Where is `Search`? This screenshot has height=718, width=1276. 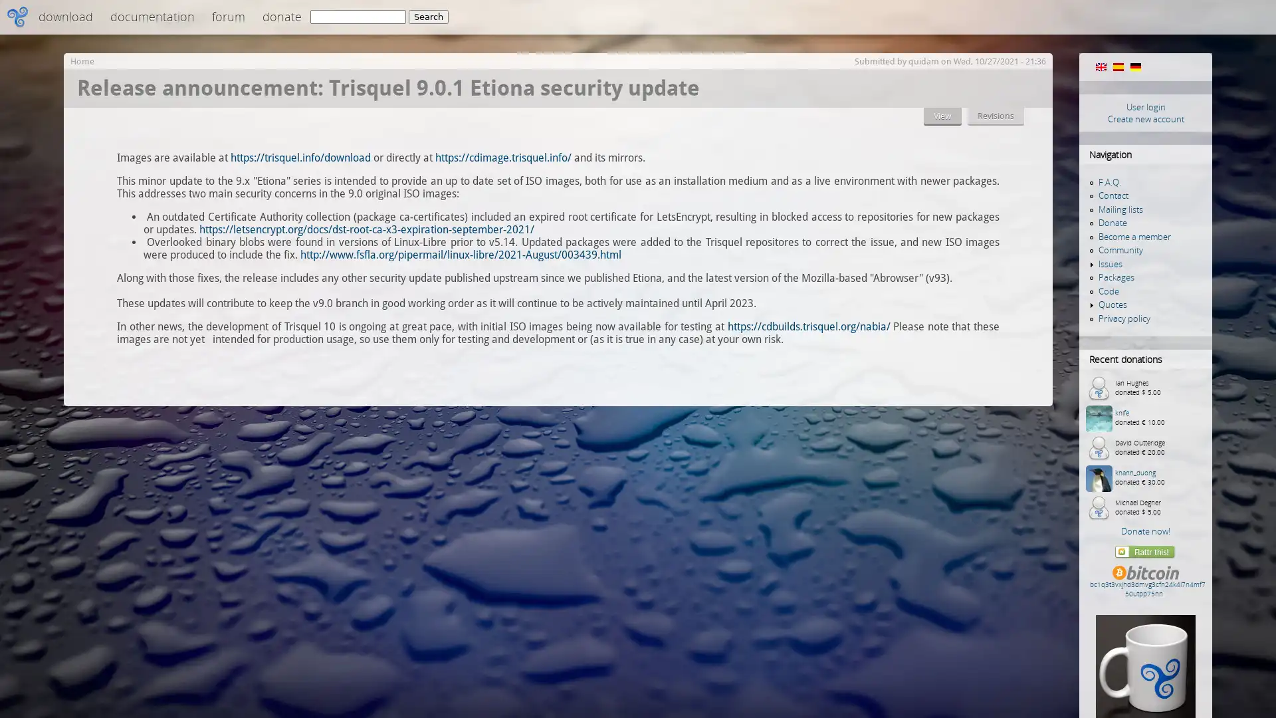
Search is located at coordinates (428, 17).